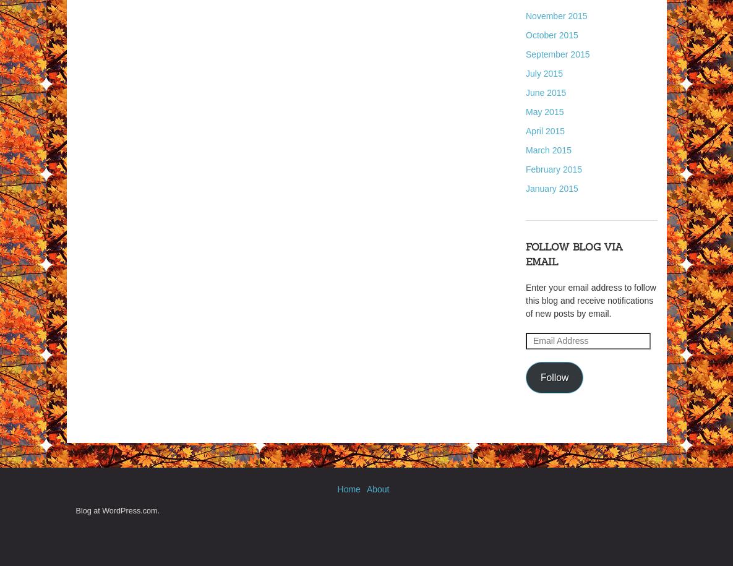 The image size is (733, 566). I want to click on 'July 2015', so click(544, 74).